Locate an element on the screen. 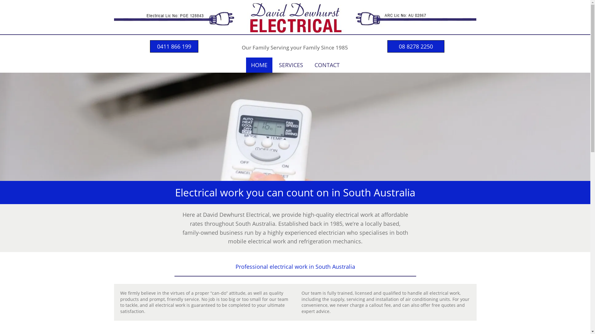 The width and height of the screenshot is (595, 334). 'david dewhurst electrical arc licence number    ' is located at coordinates (416, 15).